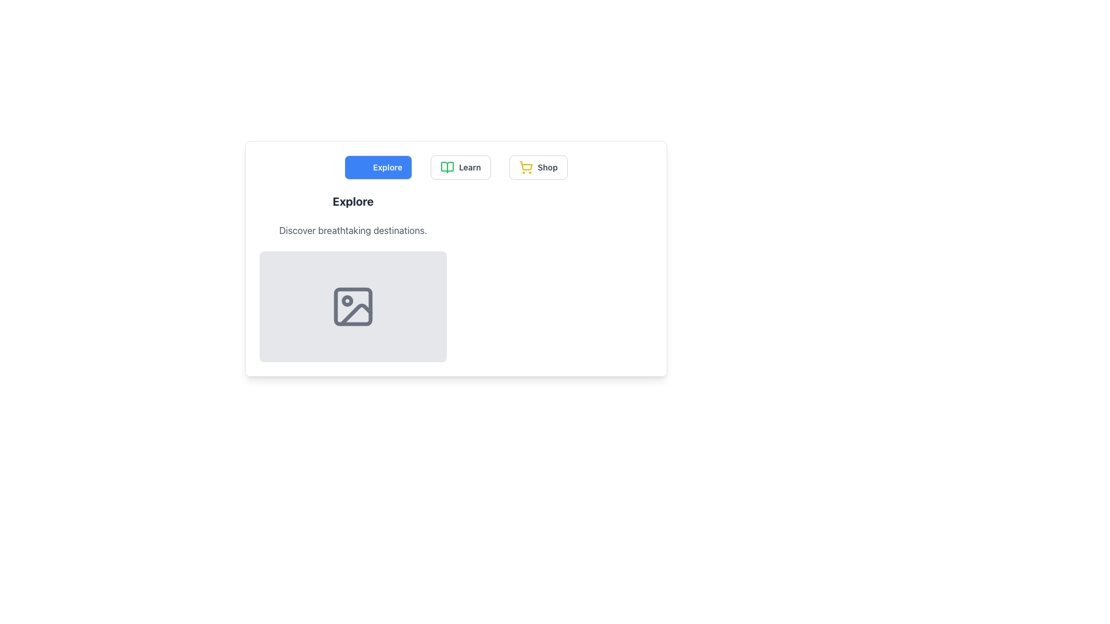 The height and width of the screenshot is (624, 1110). I want to click on the 'Shop' button text label located in the top-right corner of the central card interface, so click(547, 167).